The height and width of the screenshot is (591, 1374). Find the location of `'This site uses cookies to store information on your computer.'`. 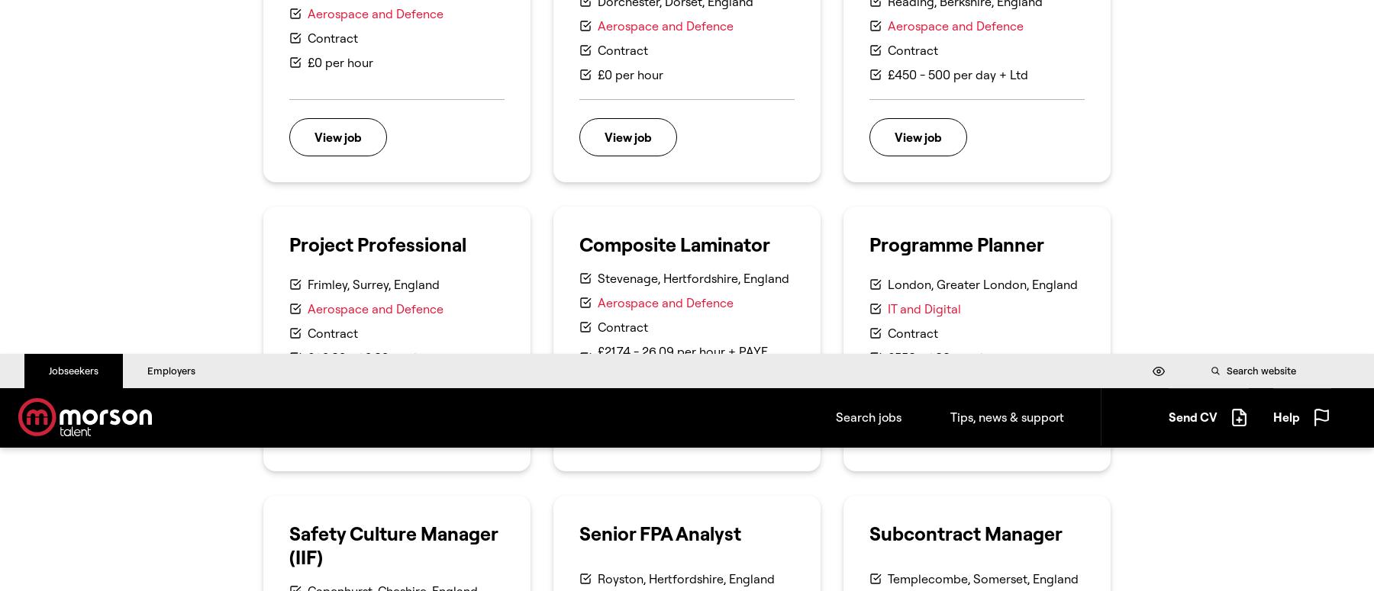

'This site uses cookies to store information on your computer.' is located at coordinates (378, 30).